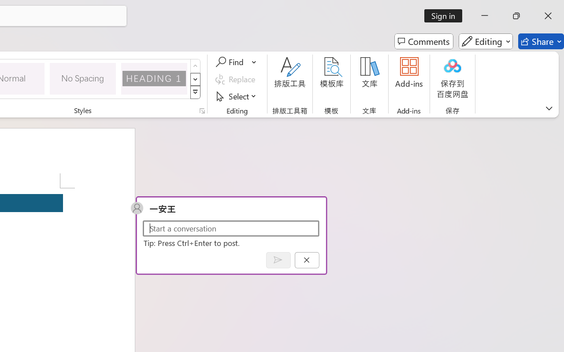 Image resolution: width=564 pixels, height=352 pixels. I want to click on 'Cancel', so click(307, 260).